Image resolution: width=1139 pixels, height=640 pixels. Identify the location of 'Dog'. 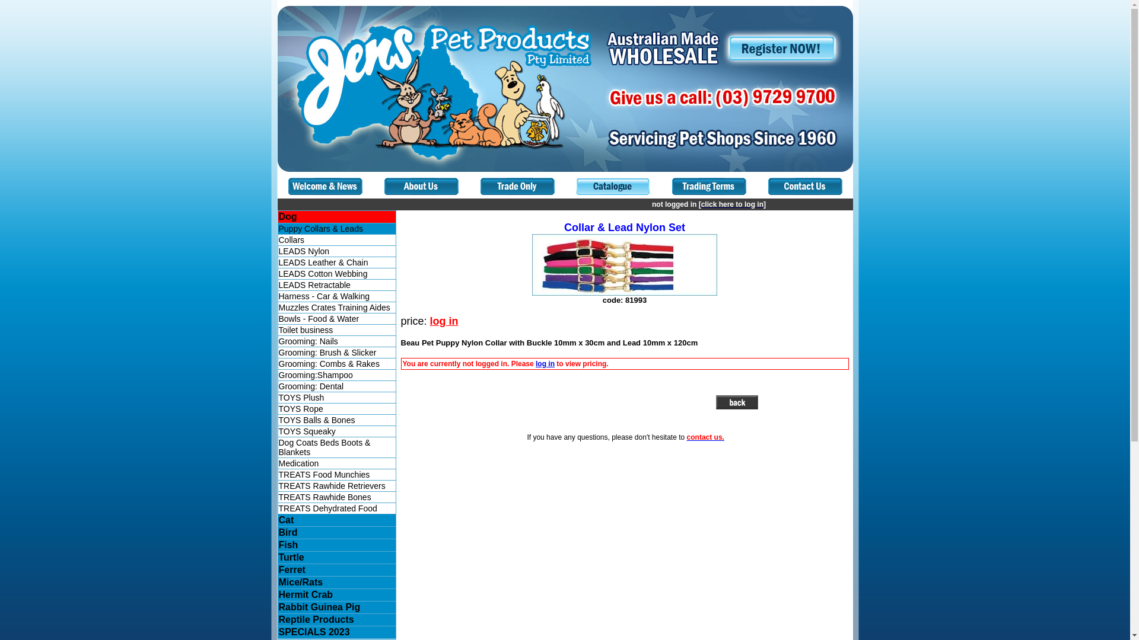
(335, 217).